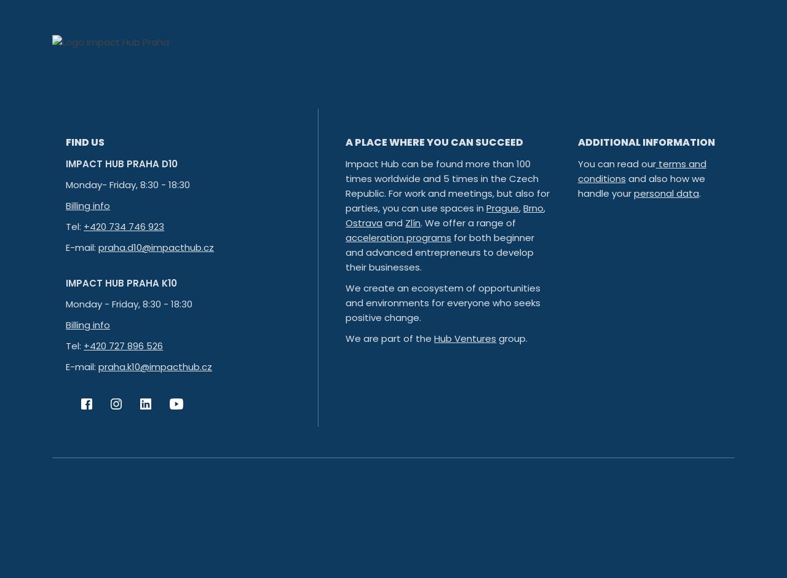  Describe the element at coordinates (533, 208) in the screenshot. I see `'Brno'` at that location.